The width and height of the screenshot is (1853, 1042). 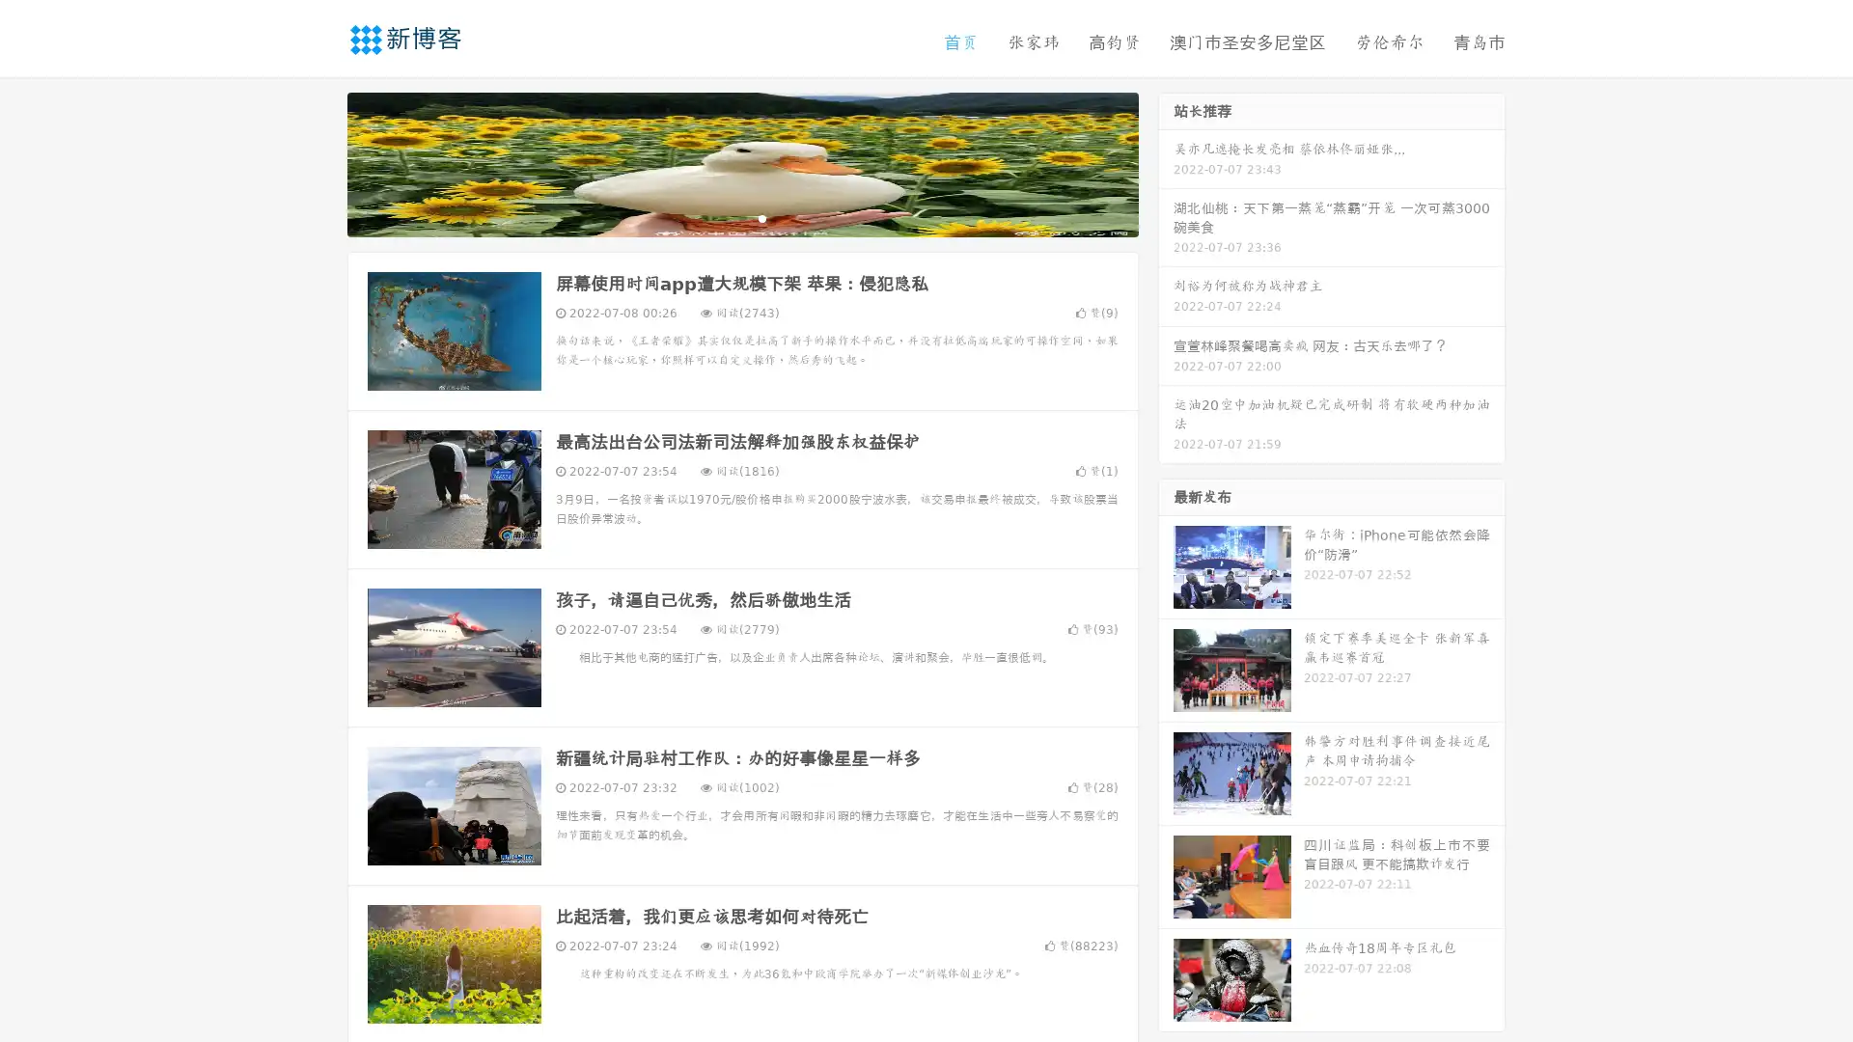 What do you see at coordinates (318, 162) in the screenshot?
I see `Previous slide` at bounding box center [318, 162].